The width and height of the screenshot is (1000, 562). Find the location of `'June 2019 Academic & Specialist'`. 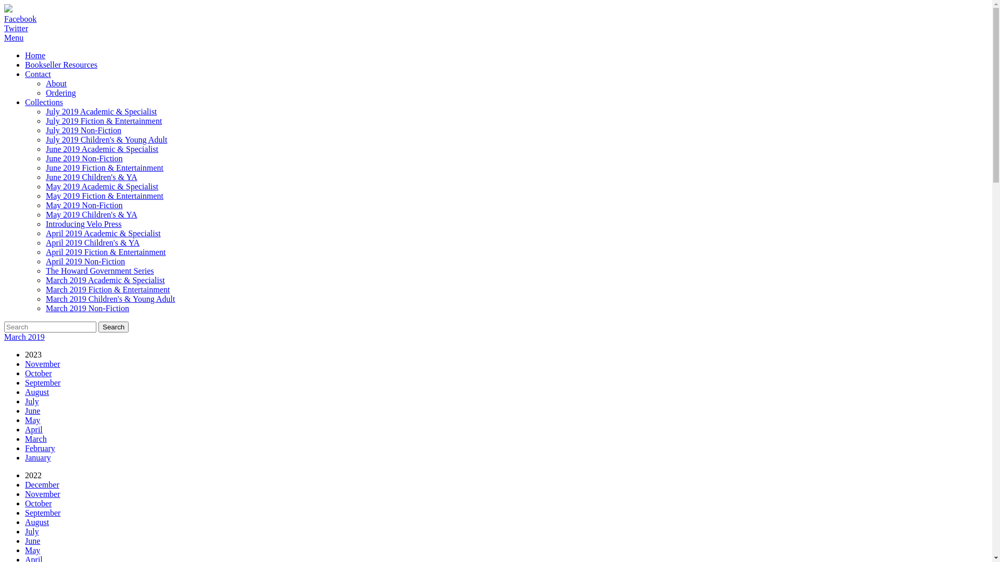

'June 2019 Academic & Specialist' is located at coordinates (45, 149).